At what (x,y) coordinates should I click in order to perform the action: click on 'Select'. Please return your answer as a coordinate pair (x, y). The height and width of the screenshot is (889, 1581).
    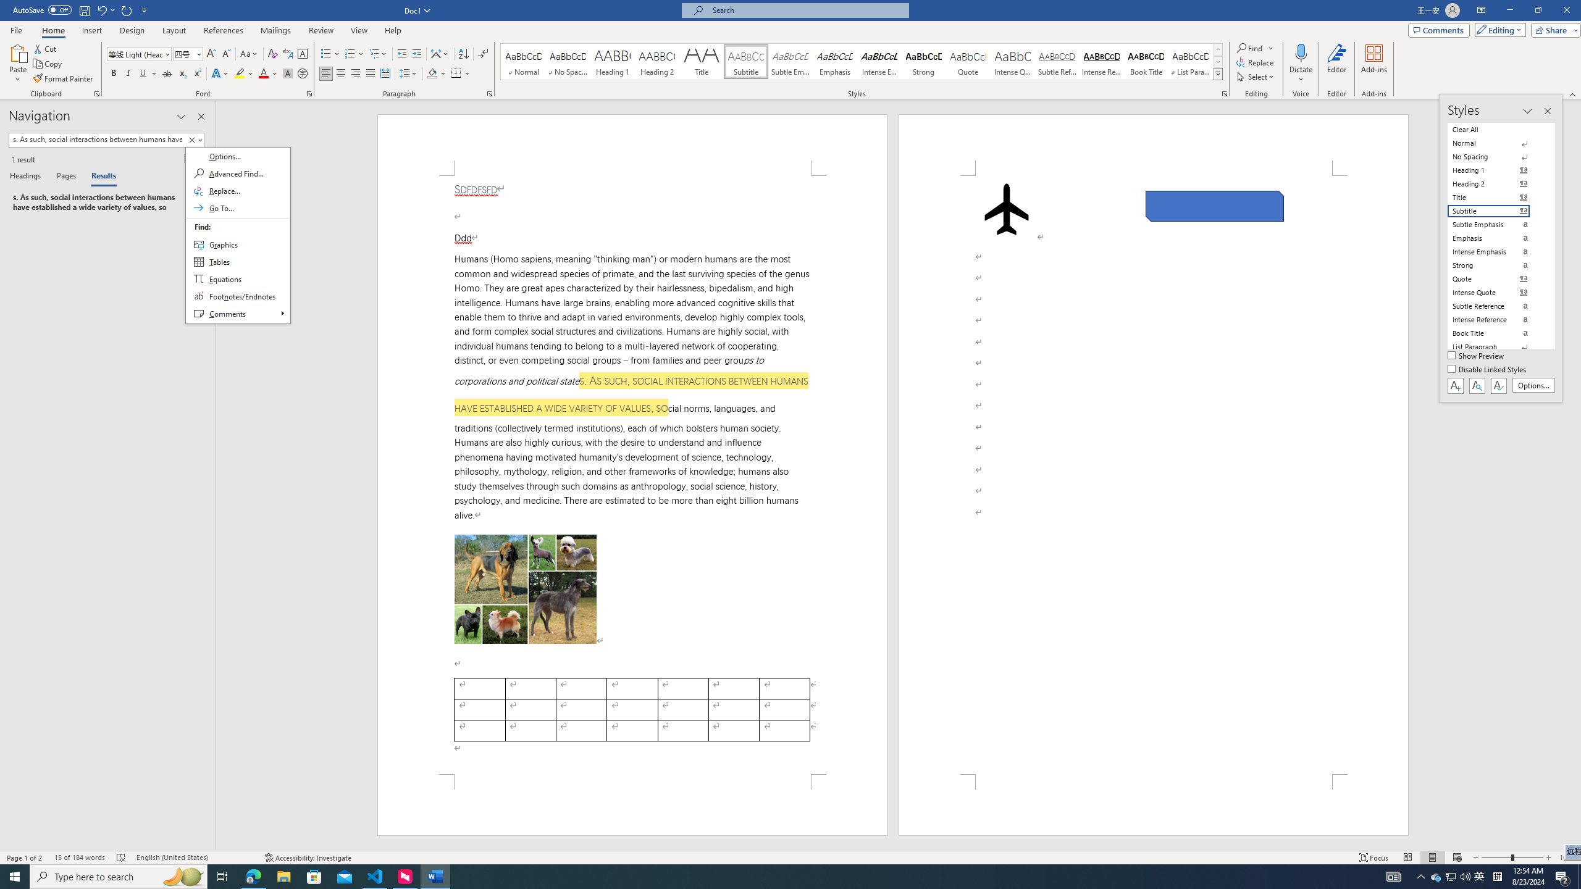
    Looking at the image, I should click on (1256, 75).